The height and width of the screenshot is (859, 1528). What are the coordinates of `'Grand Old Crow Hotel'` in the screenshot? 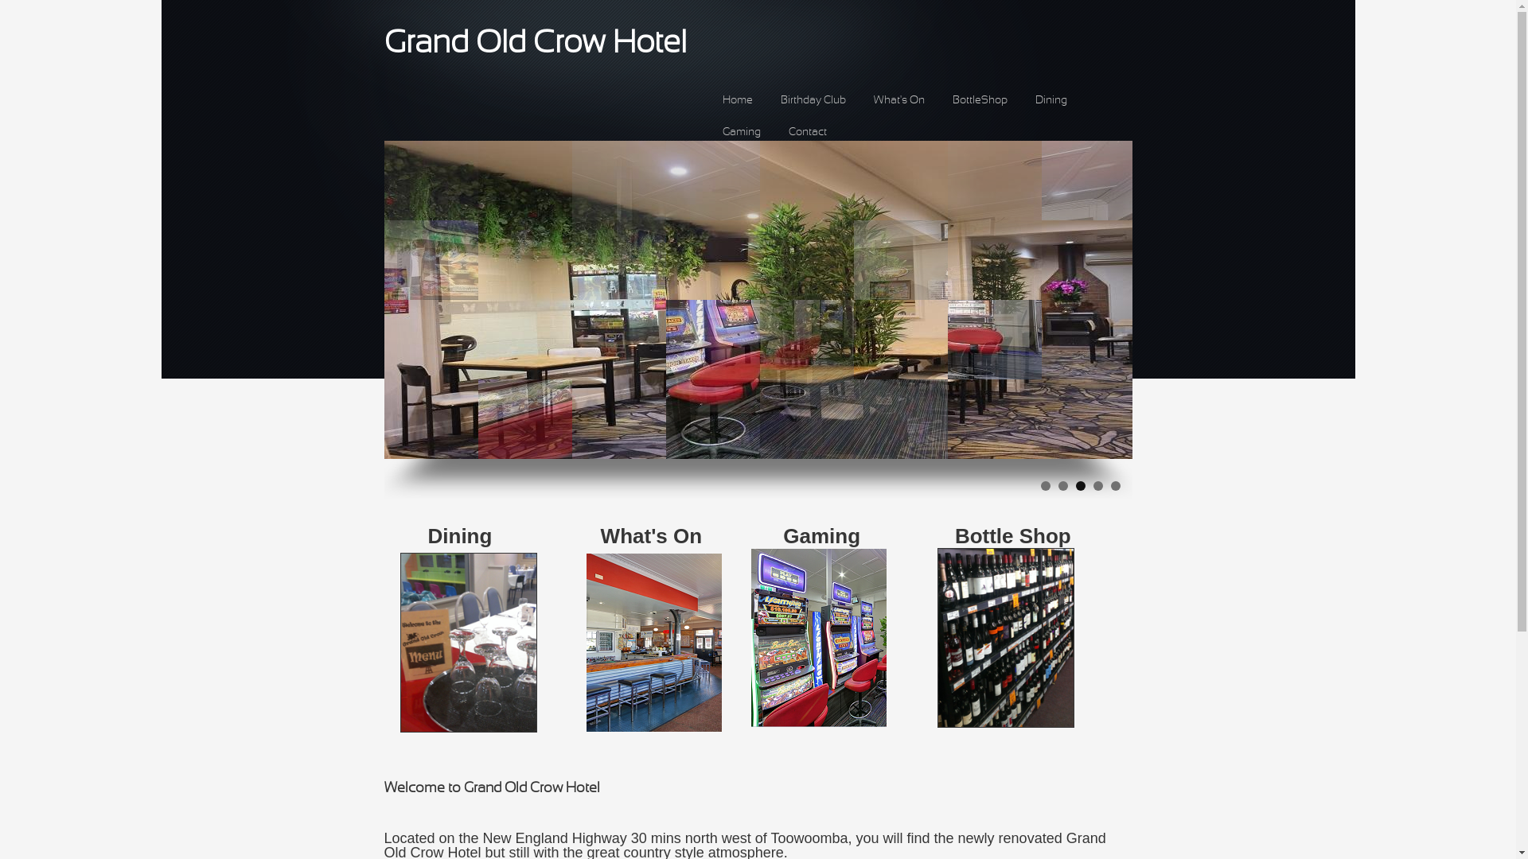 It's located at (535, 43).